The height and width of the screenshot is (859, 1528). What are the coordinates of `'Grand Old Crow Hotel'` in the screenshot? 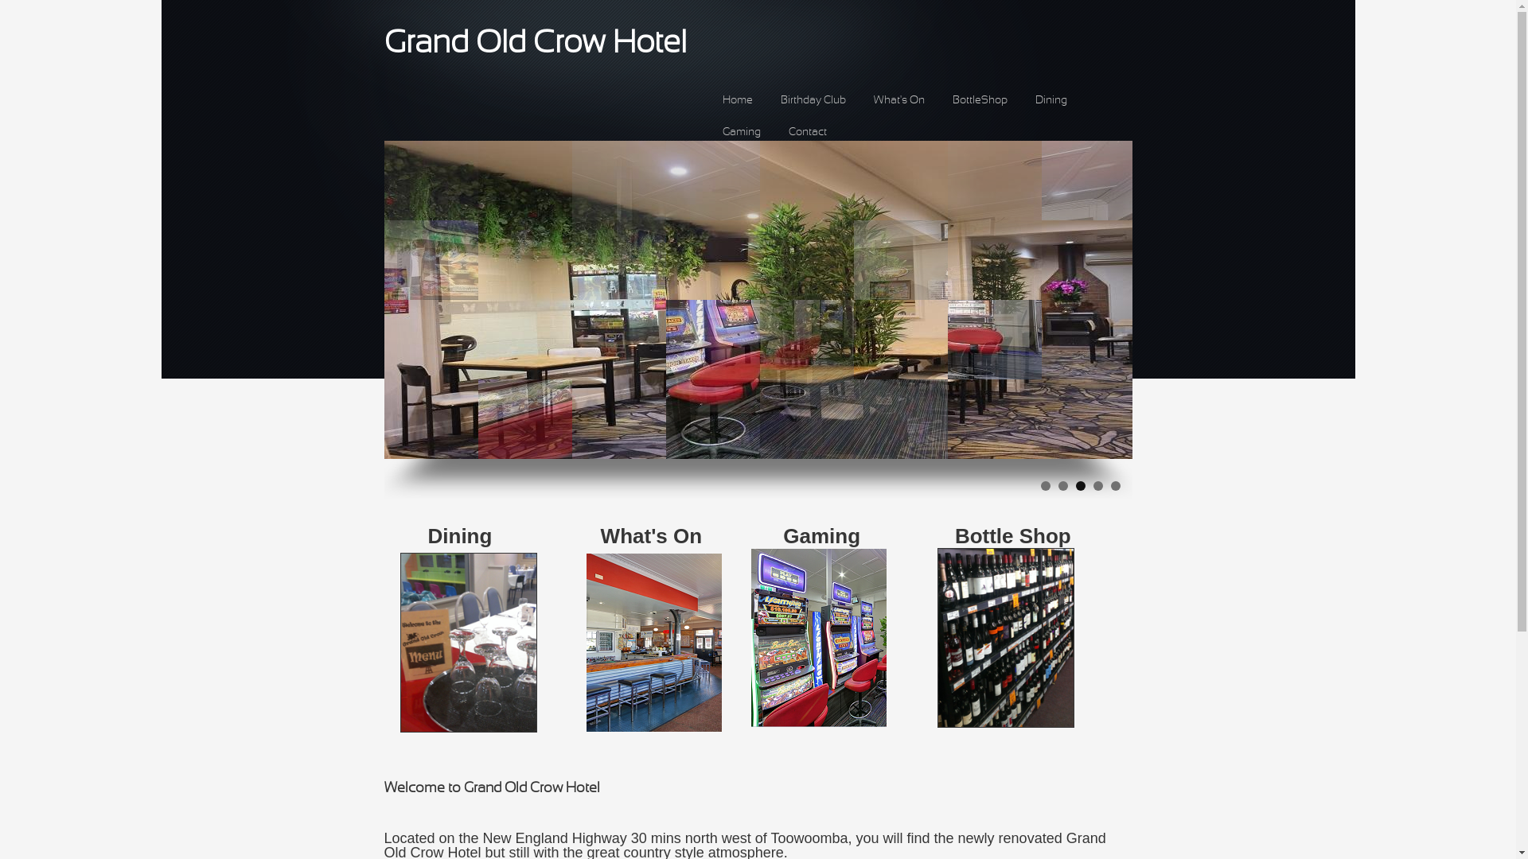 It's located at (535, 43).